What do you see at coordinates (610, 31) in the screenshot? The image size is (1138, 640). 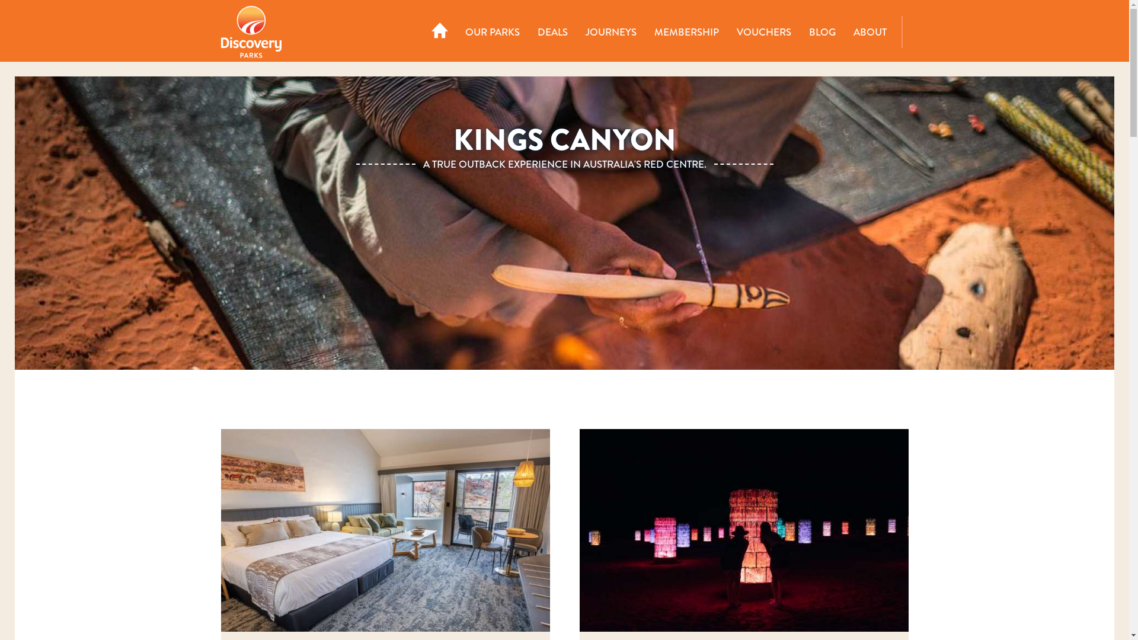 I see `'JOURNEYS'` at bounding box center [610, 31].